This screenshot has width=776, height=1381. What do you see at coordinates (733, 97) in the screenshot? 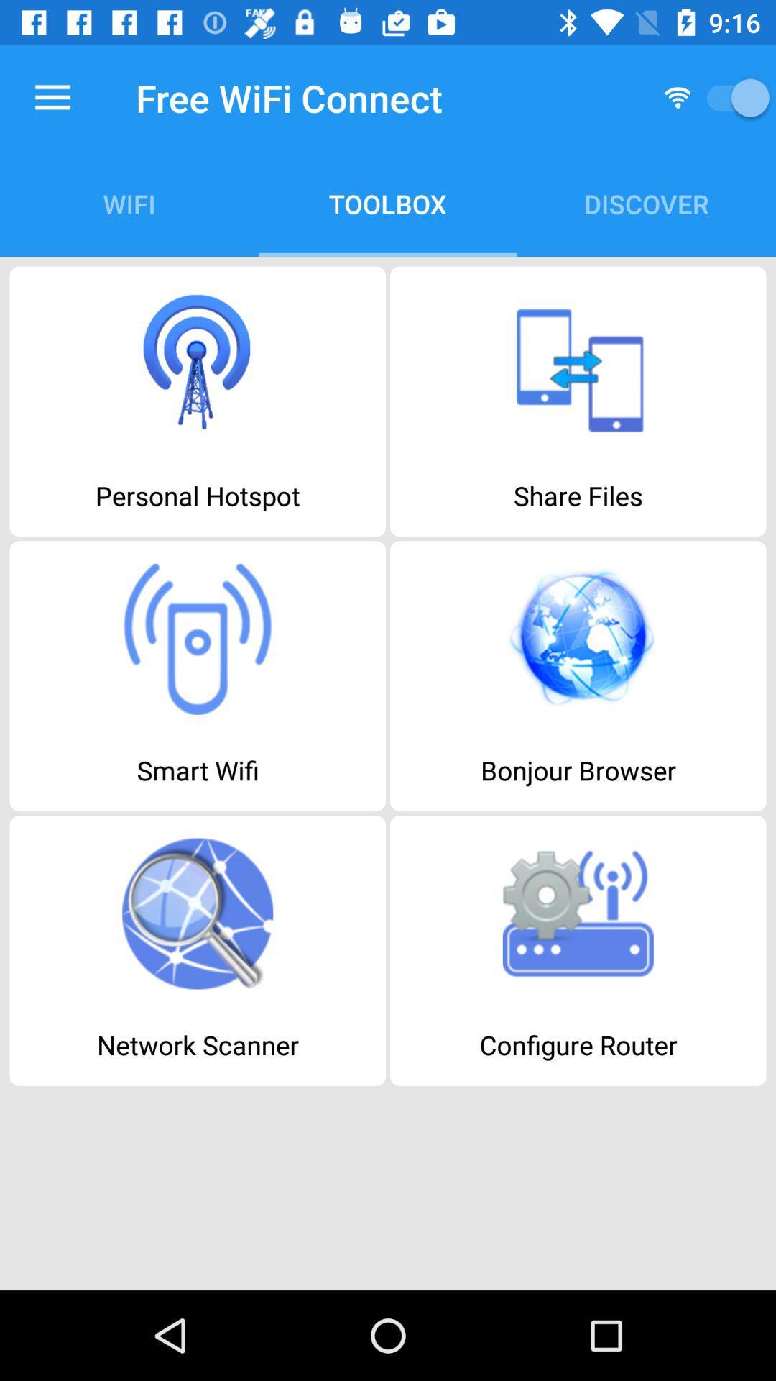
I see `slide to open wifi switch on wifi` at bounding box center [733, 97].